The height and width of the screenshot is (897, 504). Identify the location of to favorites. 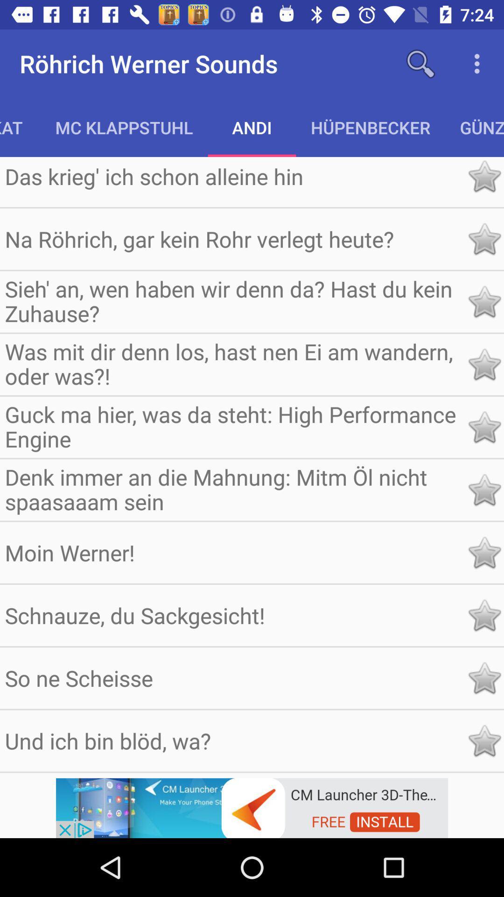
(483, 489).